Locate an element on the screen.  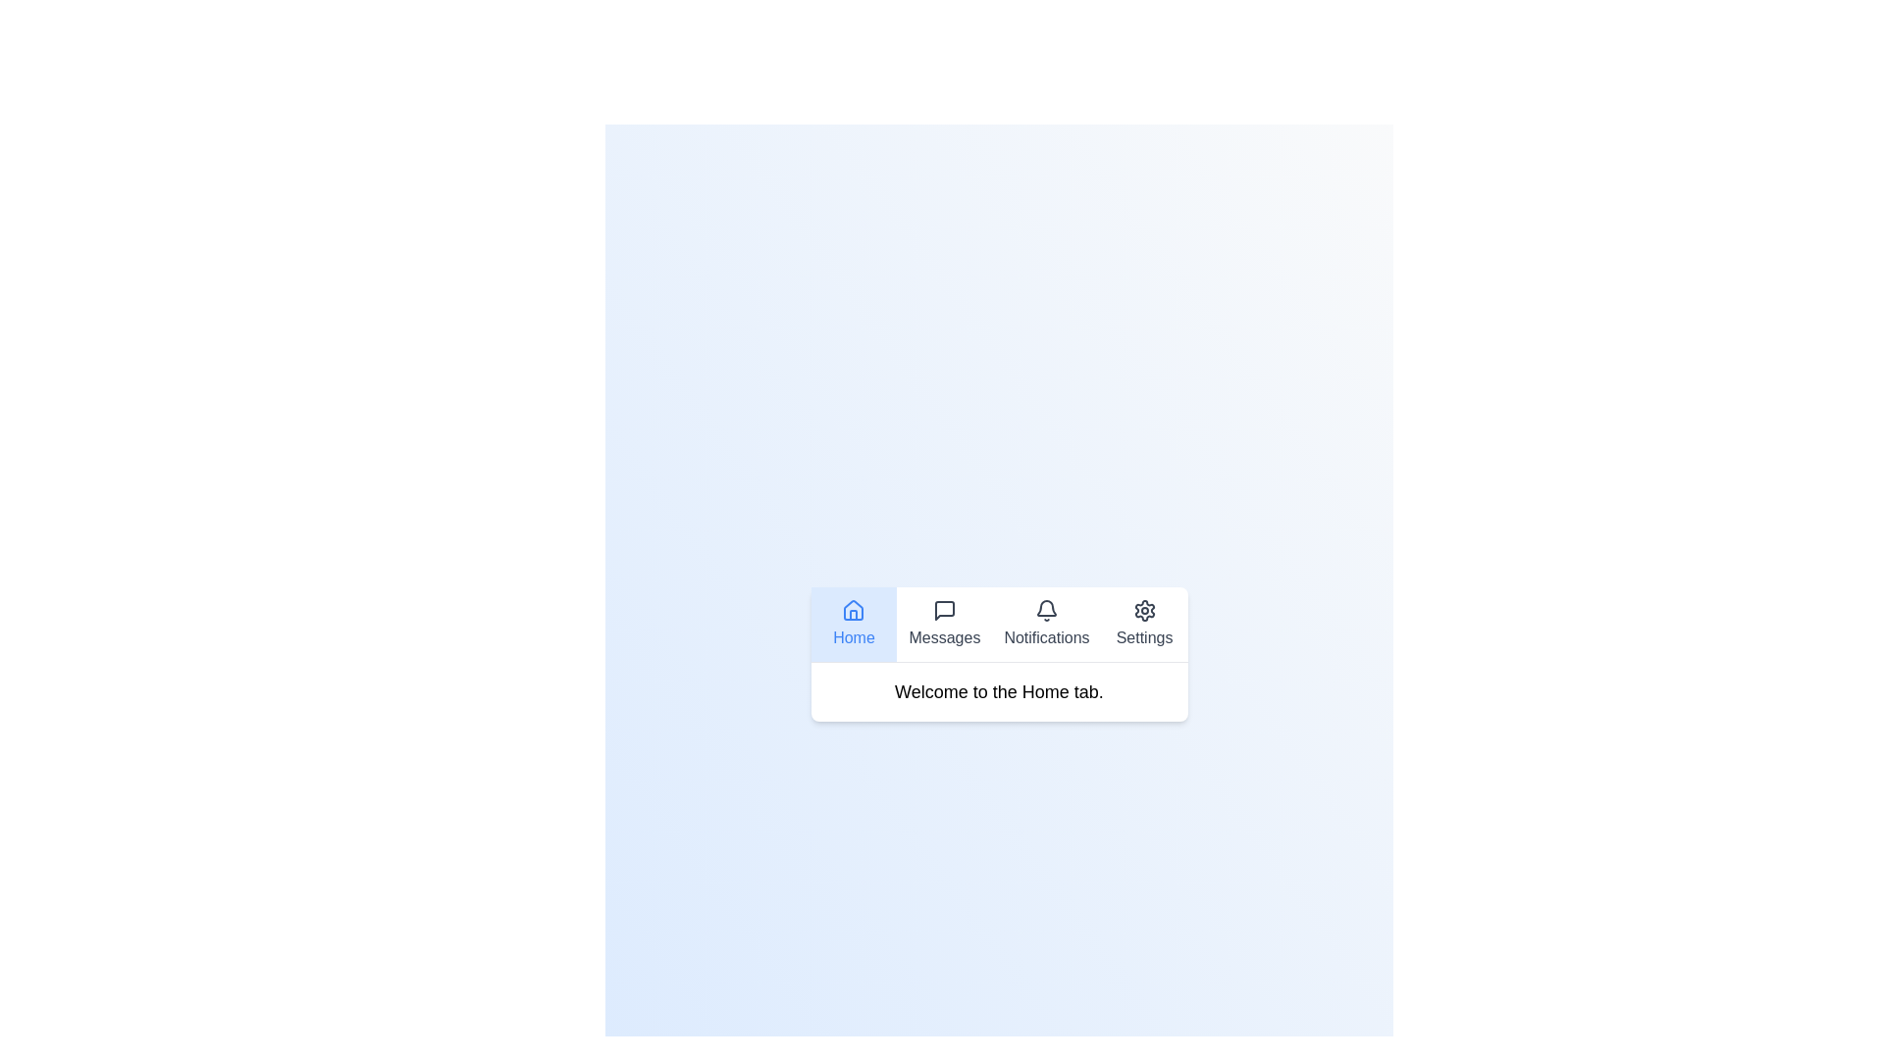
the 'Notifications' icon, which is a bell-shaped icon located in the tab bar section near the center bottom of the interface is located at coordinates (1045, 607).